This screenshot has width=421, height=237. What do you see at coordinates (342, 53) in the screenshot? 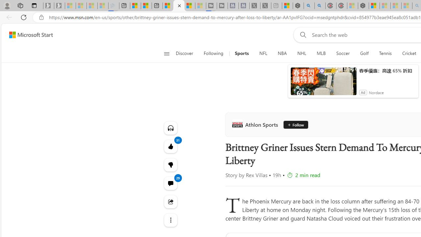
I see `'Soccer'` at bounding box center [342, 53].